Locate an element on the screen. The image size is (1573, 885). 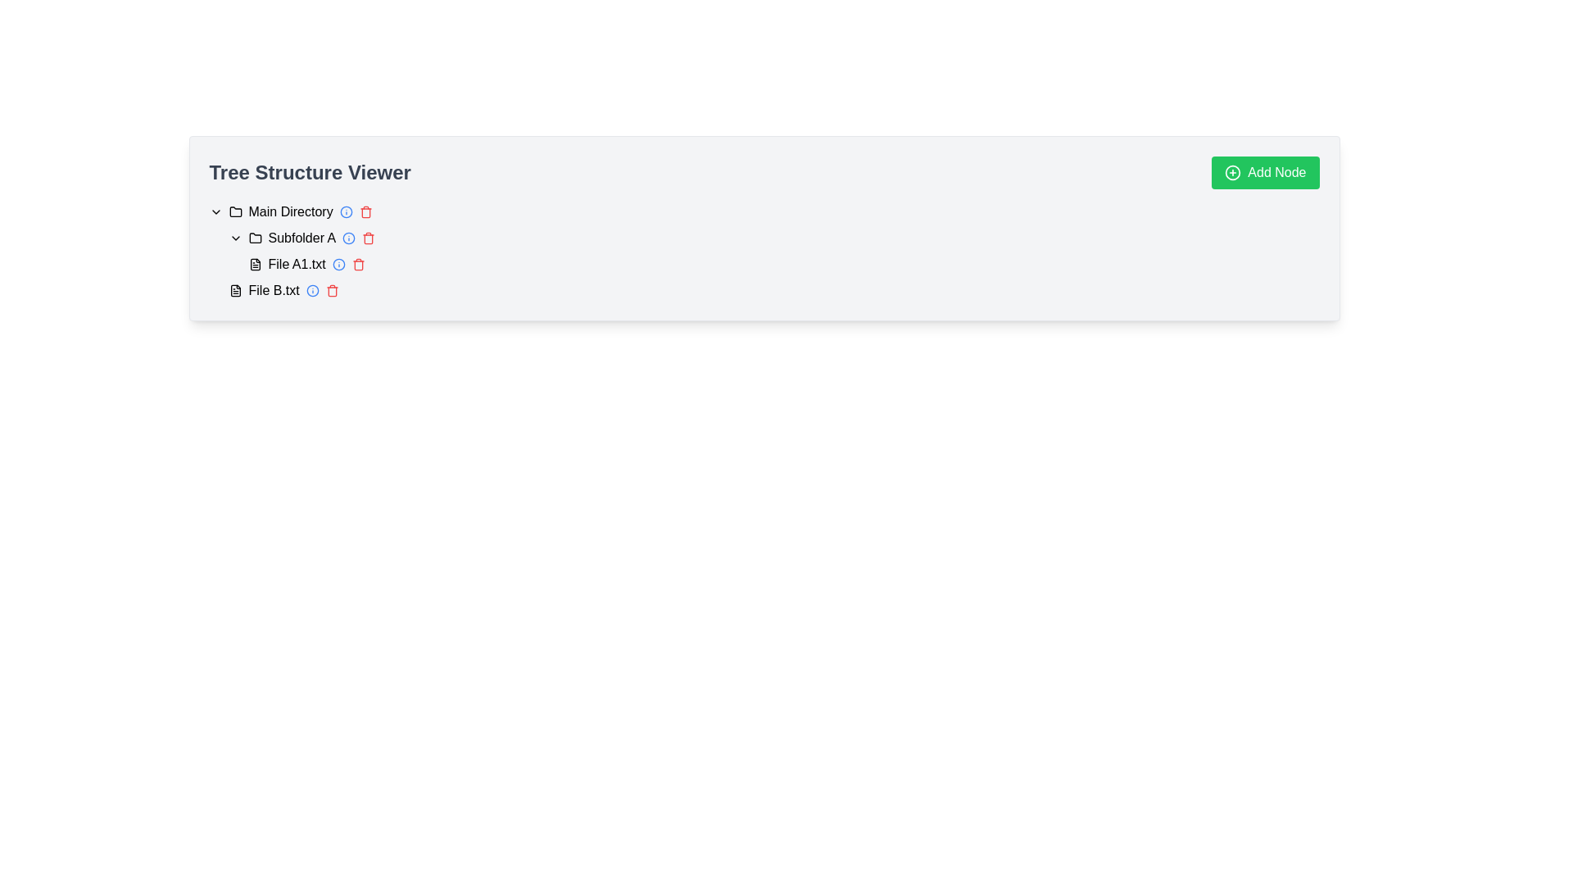
the static text label representing the first subfolder under the 'Main Directory' in the tree structure viewer is located at coordinates (301, 238).